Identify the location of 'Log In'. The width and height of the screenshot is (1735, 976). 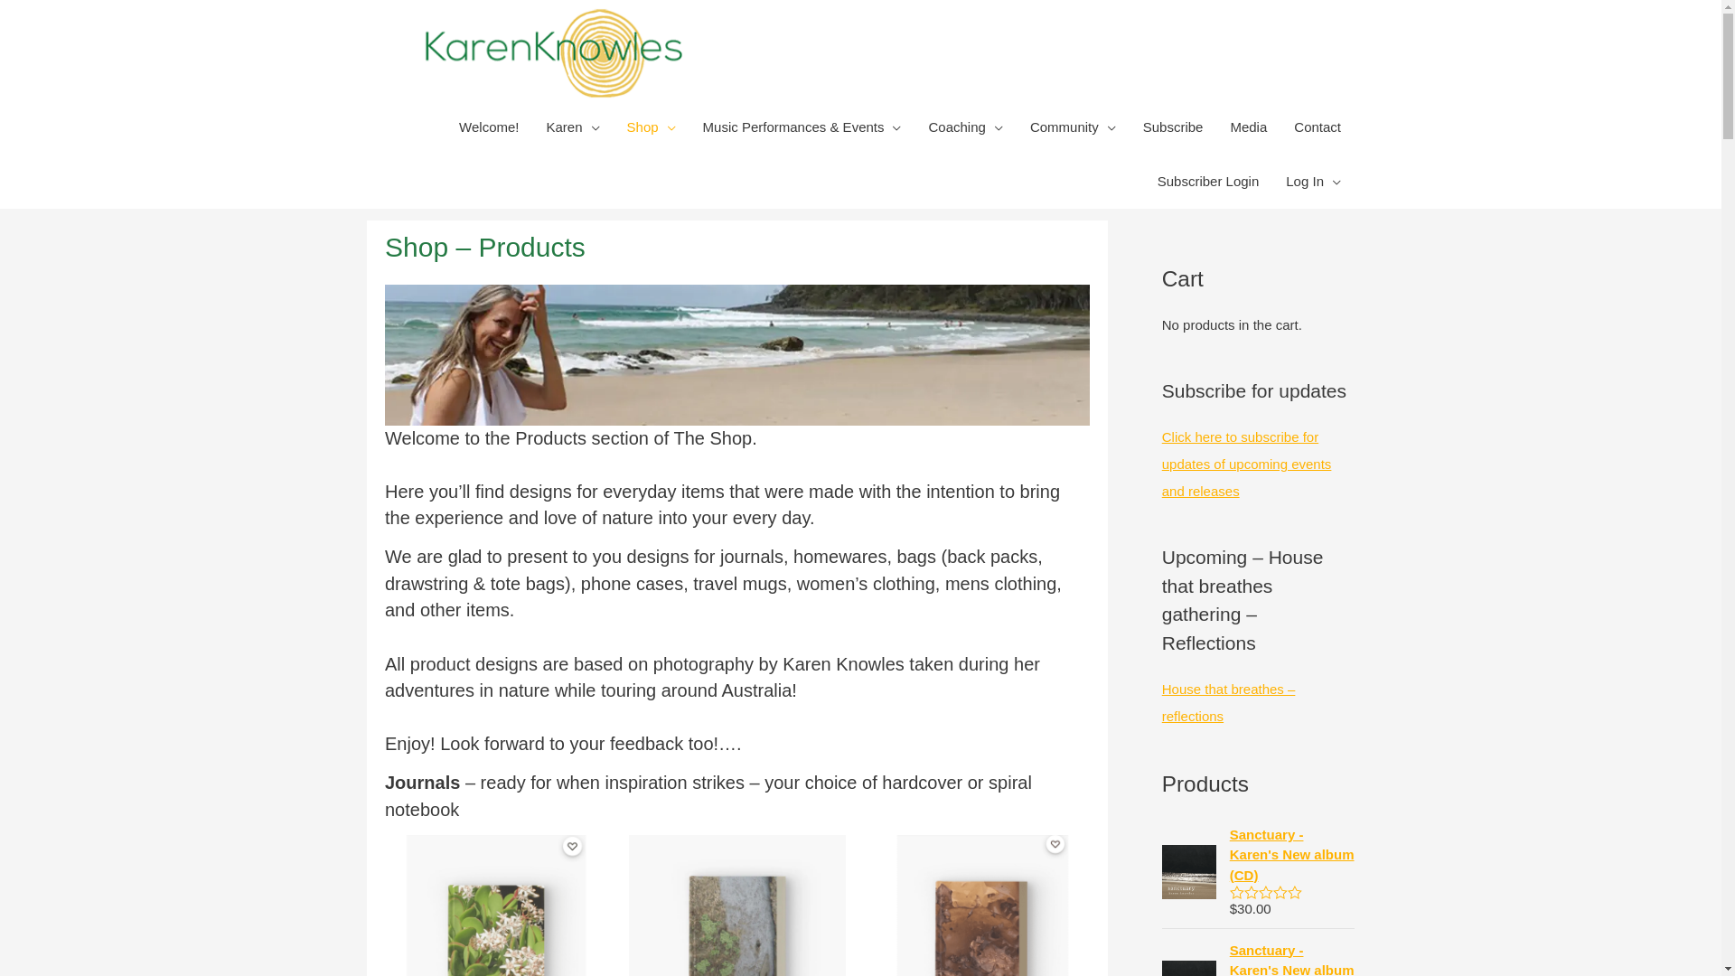
(1313, 181).